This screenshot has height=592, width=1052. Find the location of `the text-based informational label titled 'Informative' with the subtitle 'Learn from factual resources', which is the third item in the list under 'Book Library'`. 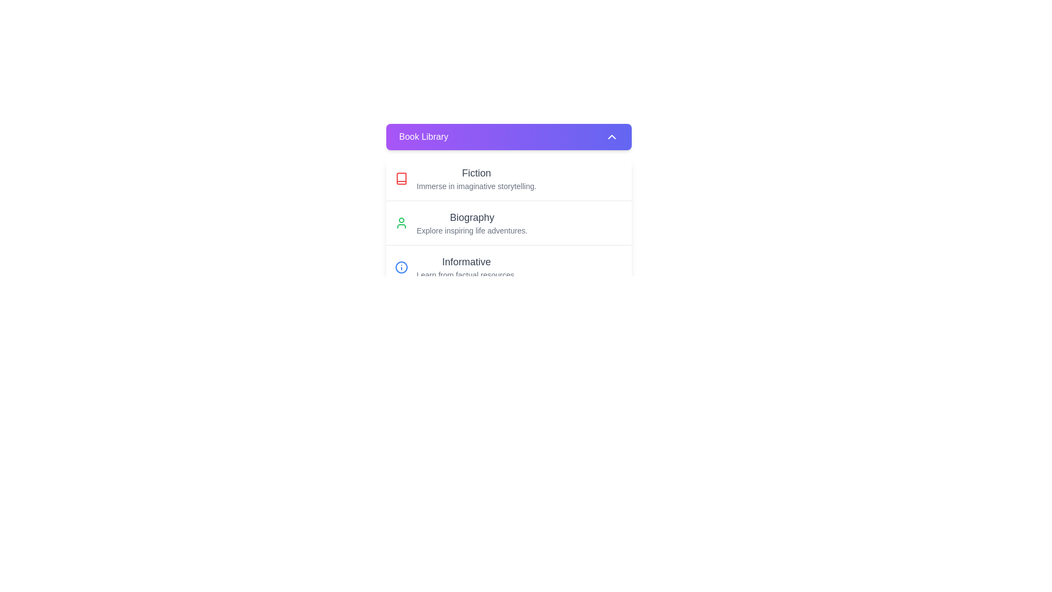

the text-based informational label titled 'Informative' with the subtitle 'Learn from factual resources', which is the third item in the list under 'Book Library' is located at coordinates (466, 267).